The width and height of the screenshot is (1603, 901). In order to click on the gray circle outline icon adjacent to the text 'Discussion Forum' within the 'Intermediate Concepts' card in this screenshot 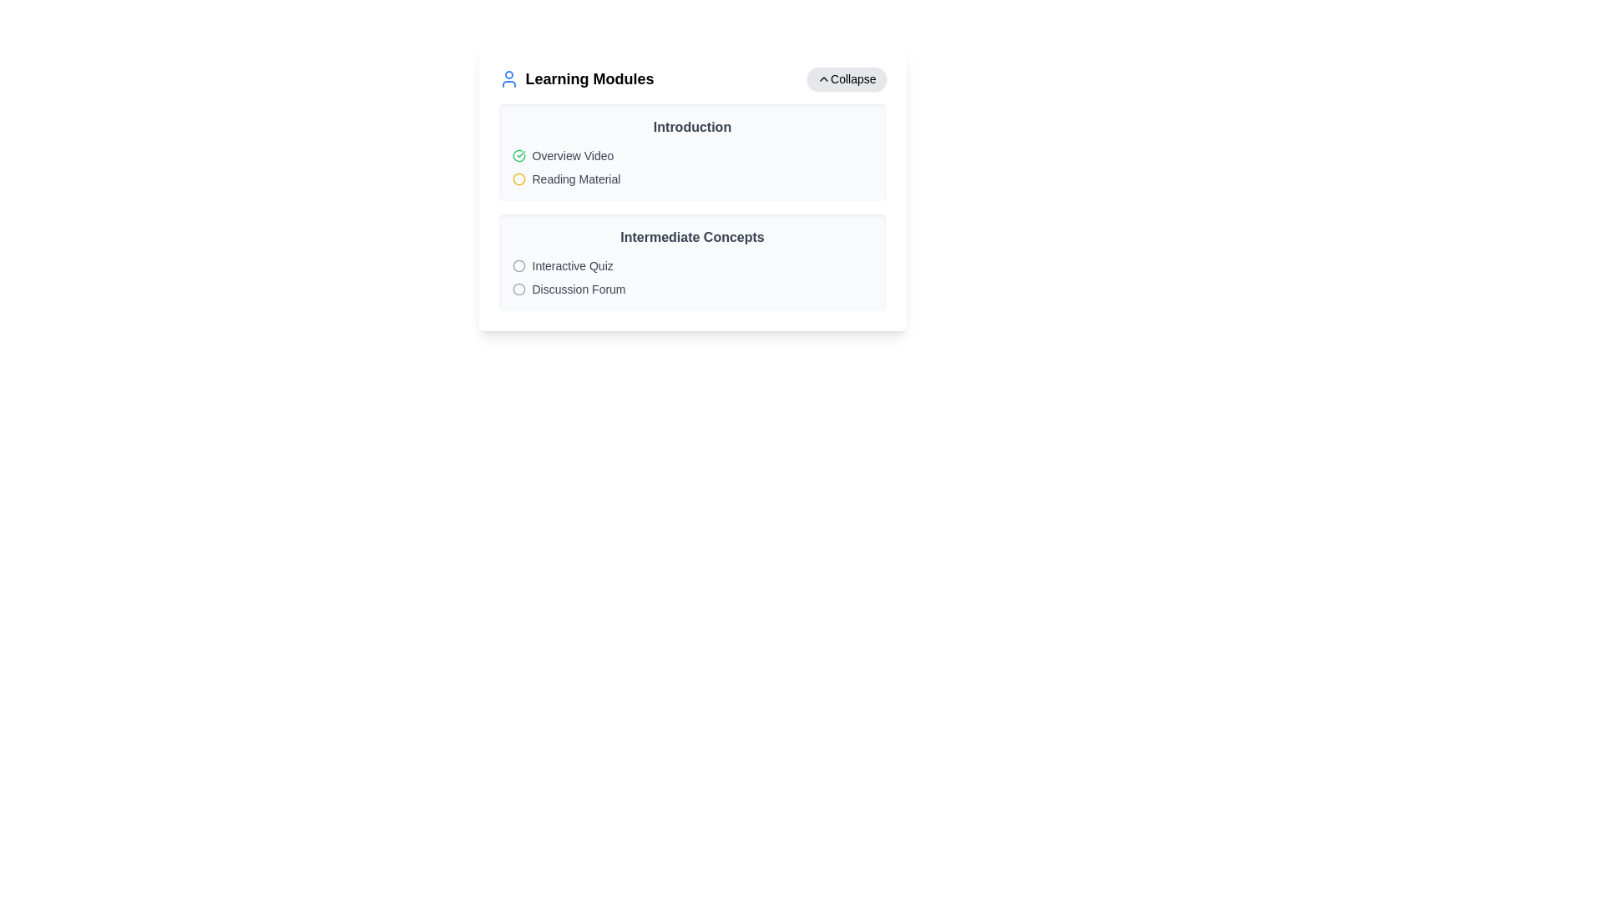, I will do `click(518, 289)`.